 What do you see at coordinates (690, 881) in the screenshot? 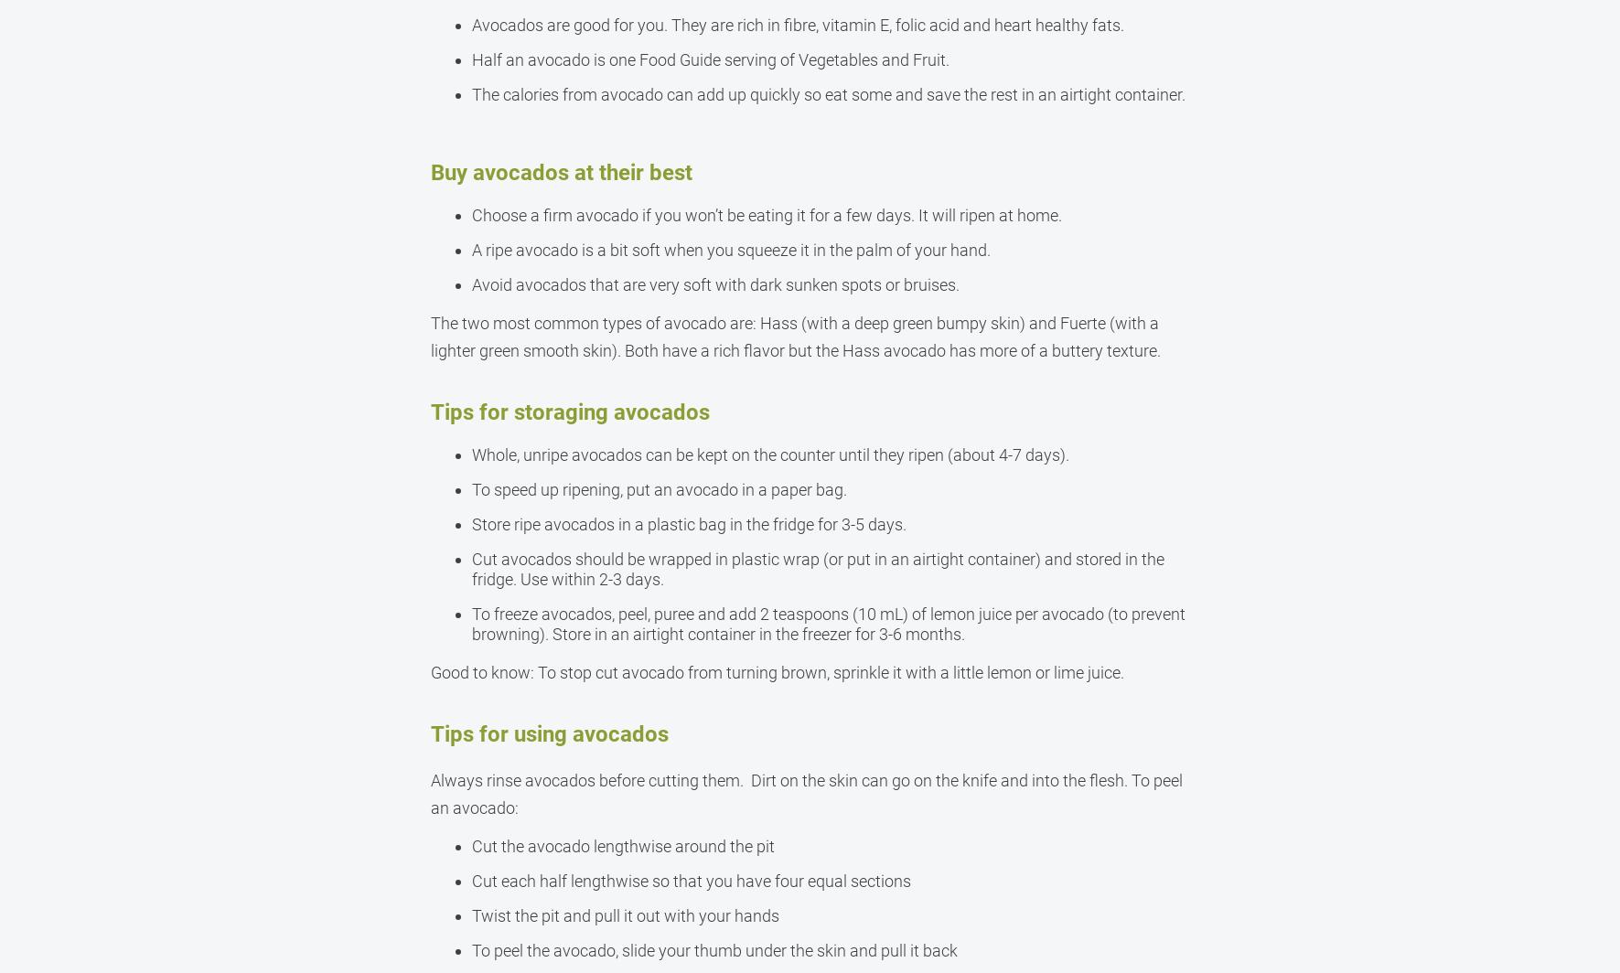
I see `'Cut each half lengthwise so that you have four equal sections'` at bounding box center [690, 881].